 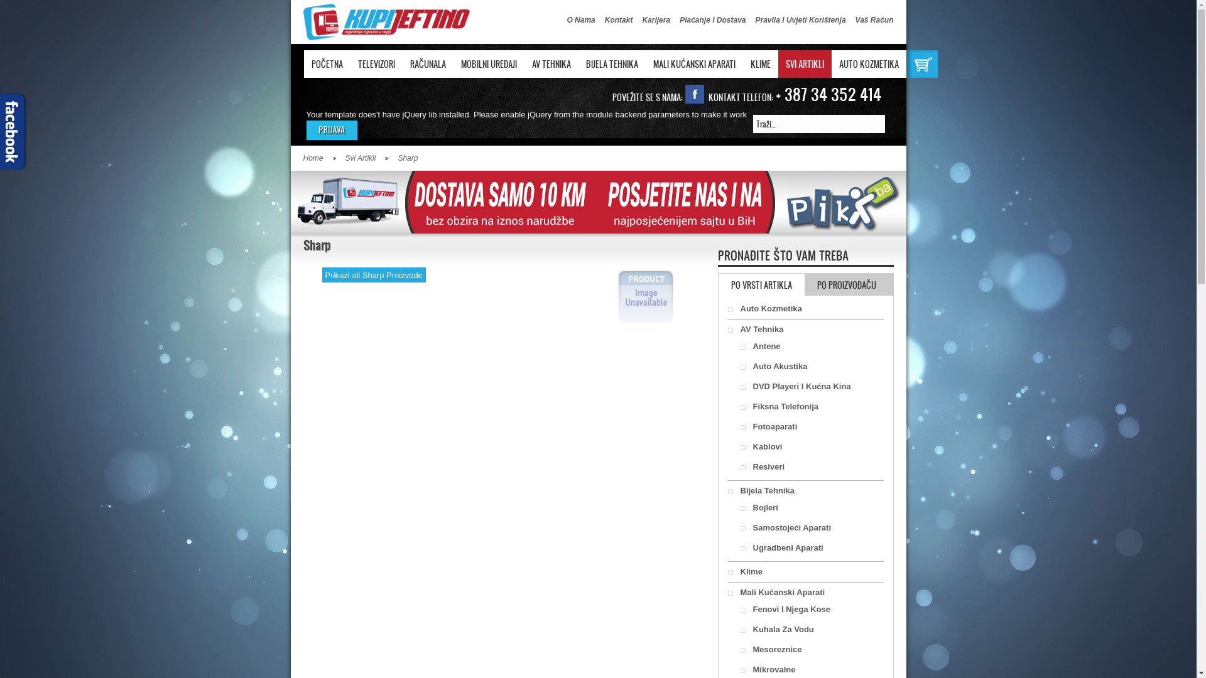 I want to click on 'Kablovi', so click(x=811, y=446).